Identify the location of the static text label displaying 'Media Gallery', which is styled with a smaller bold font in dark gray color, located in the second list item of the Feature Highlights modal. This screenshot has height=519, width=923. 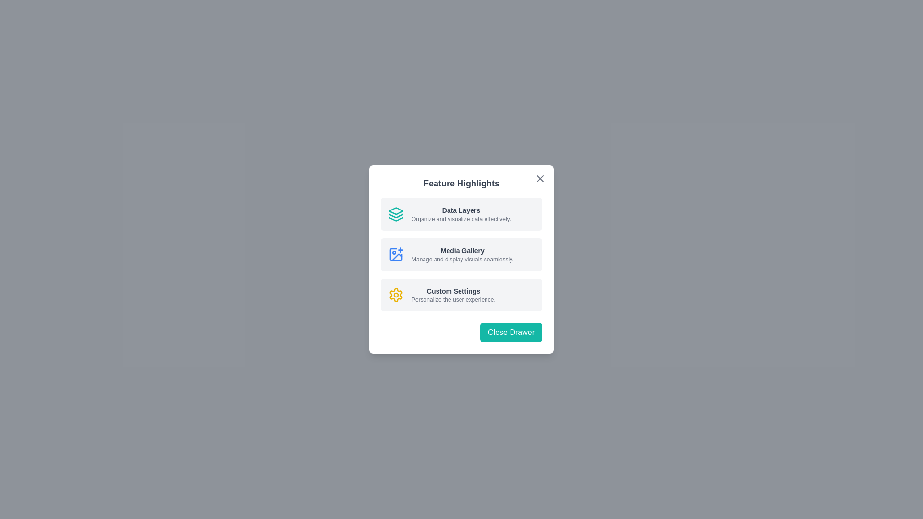
(462, 250).